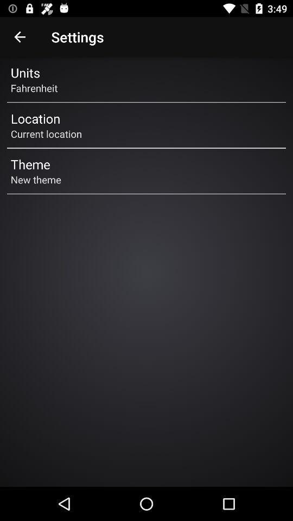 Image resolution: width=293 pixels, height=521 pixels. I want to click on the item to the left of the settings icon, so click(20, 37).